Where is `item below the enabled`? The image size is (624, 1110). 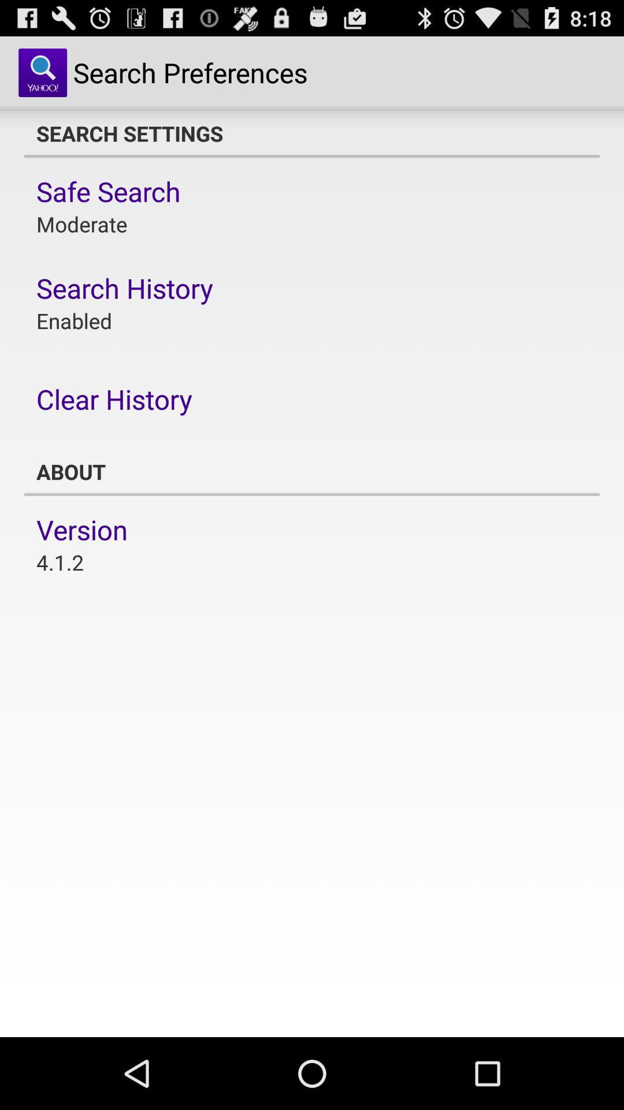
item below the enabled is located at coordinates (114, 399).